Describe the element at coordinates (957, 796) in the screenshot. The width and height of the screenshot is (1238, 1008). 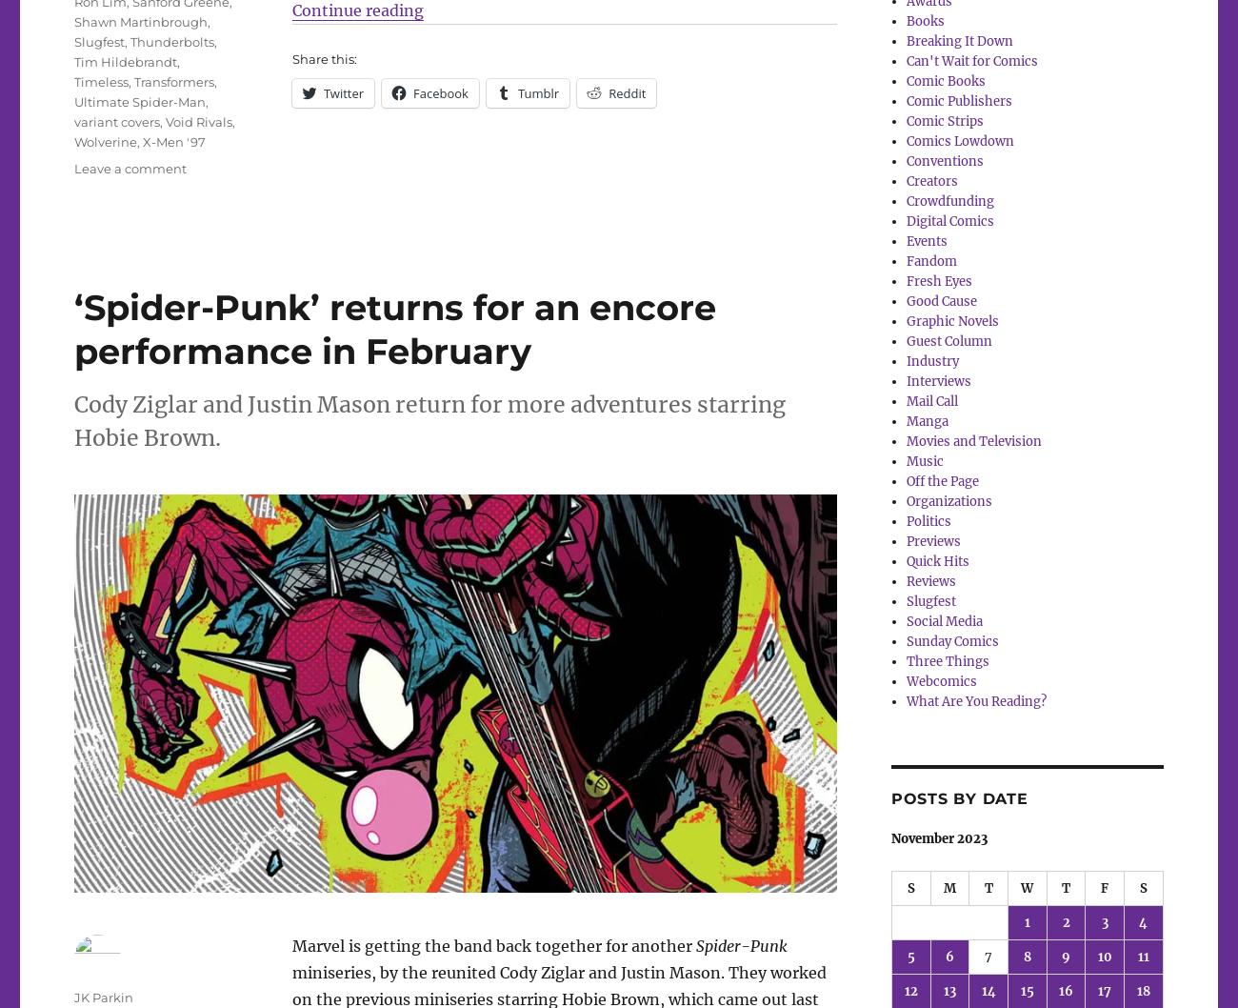
I see `'Posts by date'` at that location.